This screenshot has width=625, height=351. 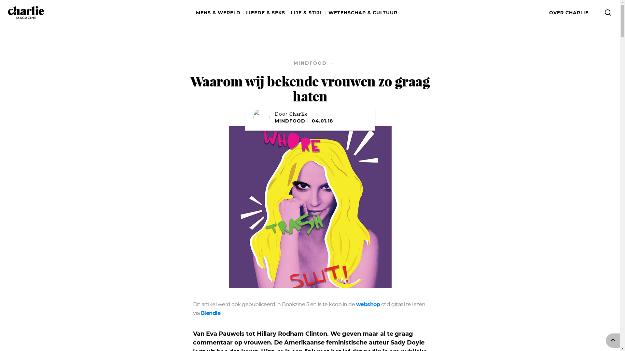 I want to click on 'MENS & WERELD', so click(x=220, y=13).